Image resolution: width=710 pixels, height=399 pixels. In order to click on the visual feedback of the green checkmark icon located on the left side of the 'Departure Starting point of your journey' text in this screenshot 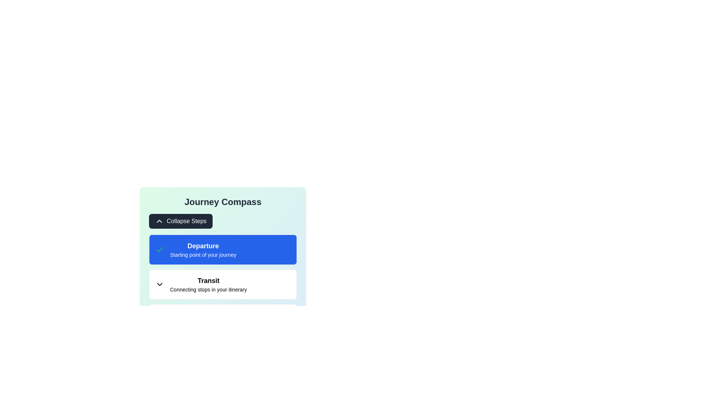, I will do `click(159, 249)`.